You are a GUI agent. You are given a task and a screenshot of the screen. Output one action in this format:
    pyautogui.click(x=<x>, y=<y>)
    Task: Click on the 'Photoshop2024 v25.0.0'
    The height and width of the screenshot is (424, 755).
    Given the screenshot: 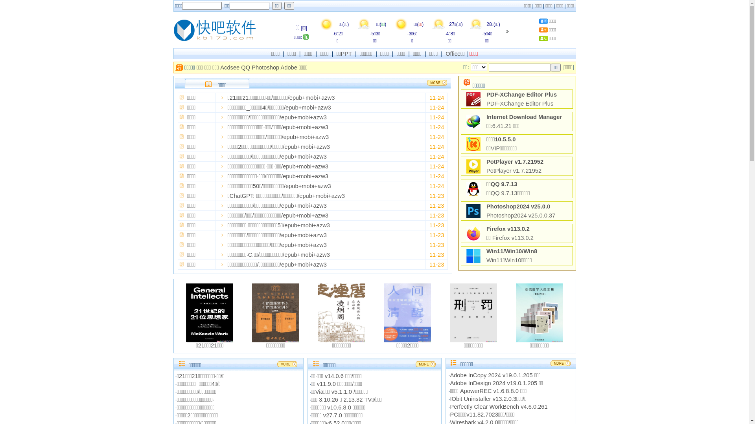 What is the action you would take?
    pyautogui.click(x=486, y=206)
    